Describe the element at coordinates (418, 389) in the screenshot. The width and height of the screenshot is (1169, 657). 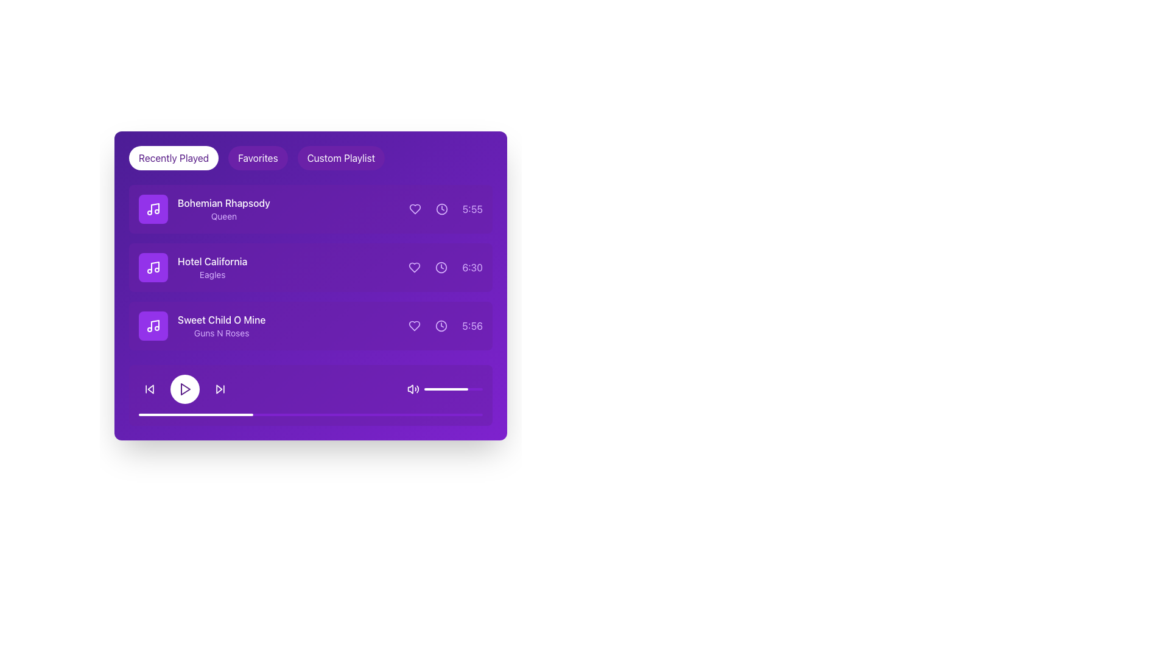
I see `the rightmost arc segment of the volume control icon in the bottom-right area of the music player interface` at that location.